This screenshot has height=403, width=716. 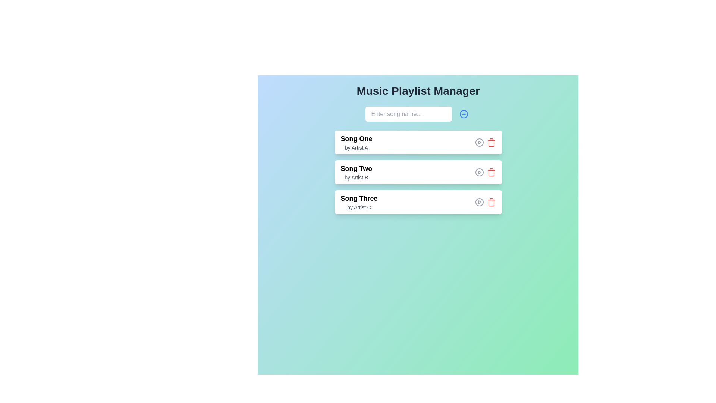 I want to click on the circular button with a blue outlined plus symbol located to the right of the song search input field, so click(x=463, y=114).